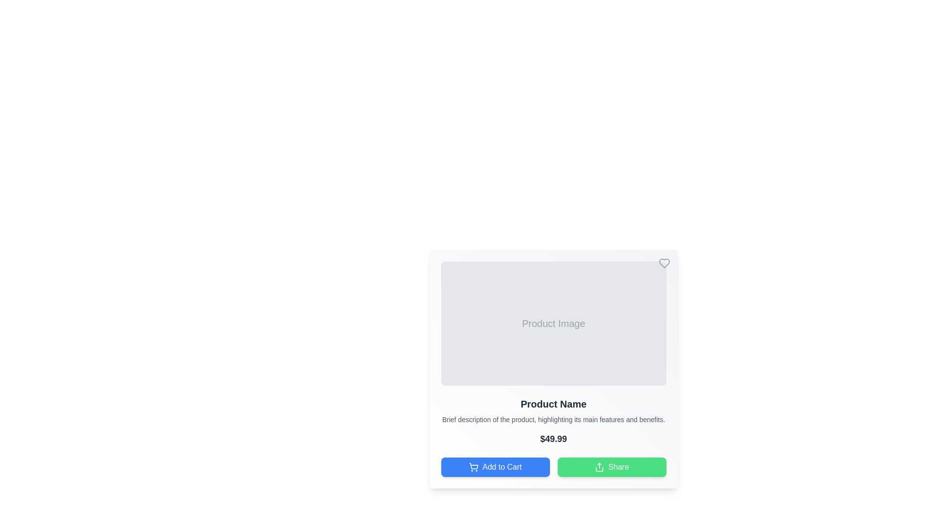 The image size is (932, 524). What do you see at coordinates (611, 467) in the screenshot?
I see `the sharing action button located at the bottom right corner of the grid, adjacent to the 'Add to Cart' button to observe its hover state` at bounding box center [611, 467].